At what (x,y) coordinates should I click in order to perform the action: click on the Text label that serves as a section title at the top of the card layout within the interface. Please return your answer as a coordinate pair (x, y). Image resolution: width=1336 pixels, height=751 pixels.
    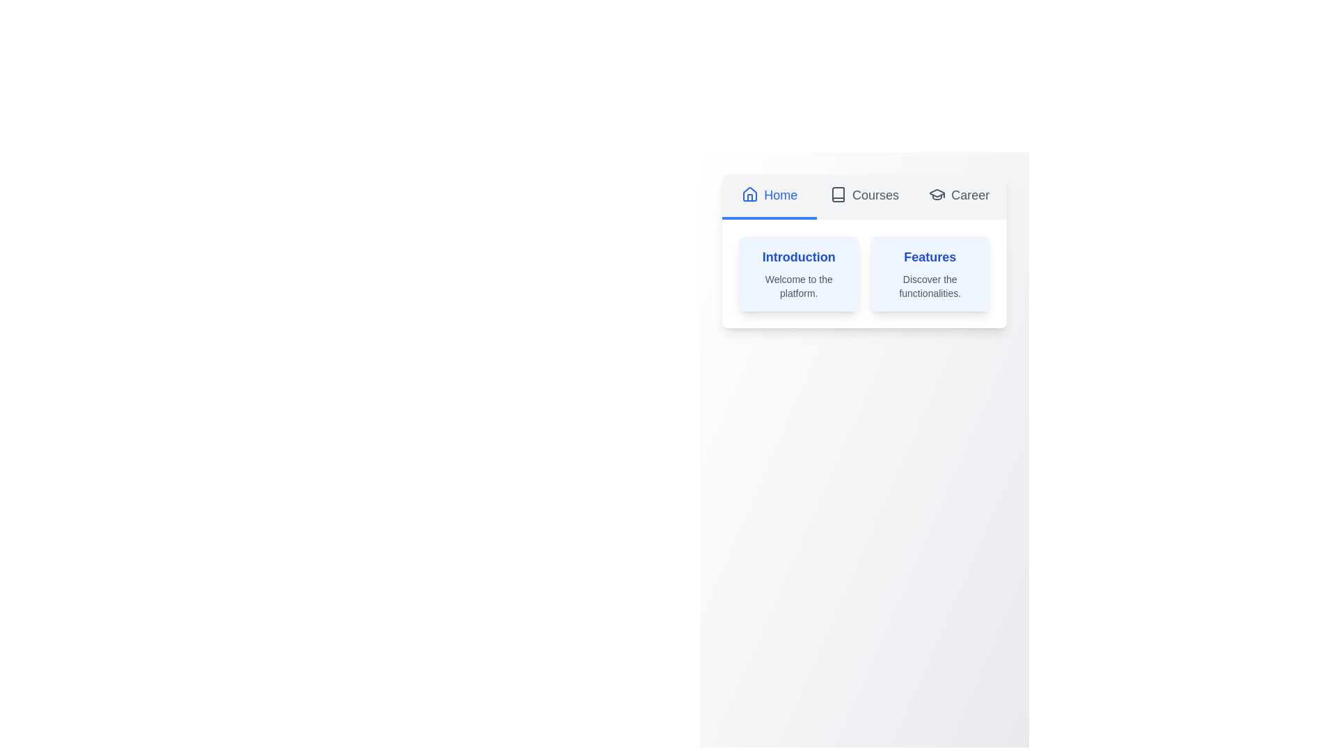
    Looking at the image, I should click on (799, 257).